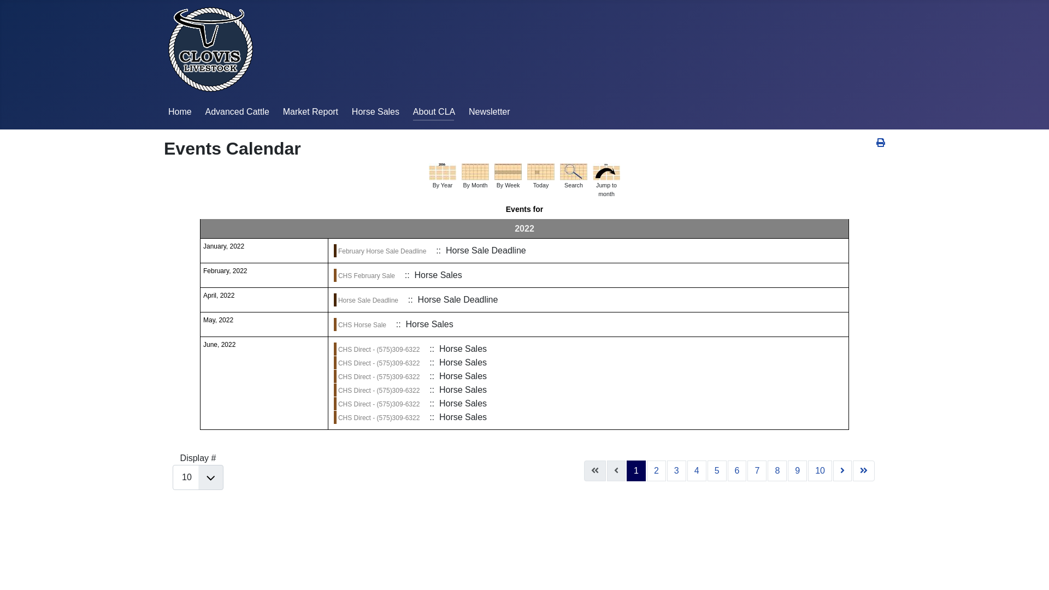 Image resolution: width=1049 pixels, height=590 pixels. I want to click on 'CHS Direct - (575)309-6322', so click(379, 390).